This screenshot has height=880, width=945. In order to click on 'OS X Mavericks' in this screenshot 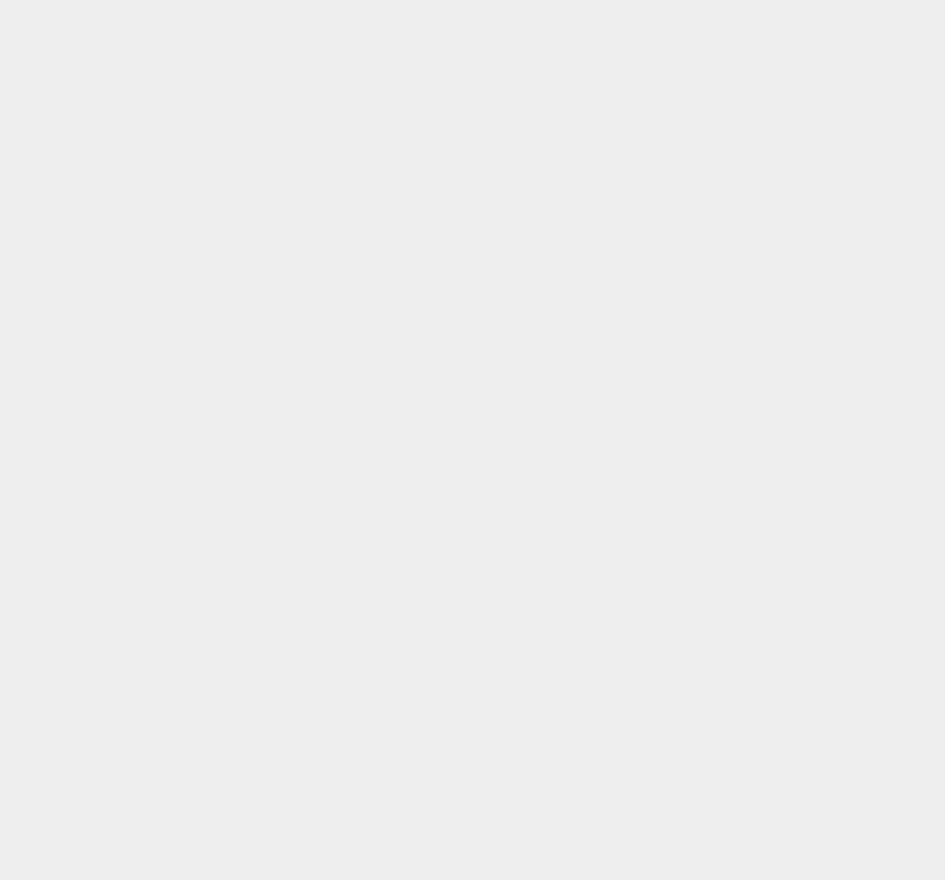, I will do `click(707, 421)`.